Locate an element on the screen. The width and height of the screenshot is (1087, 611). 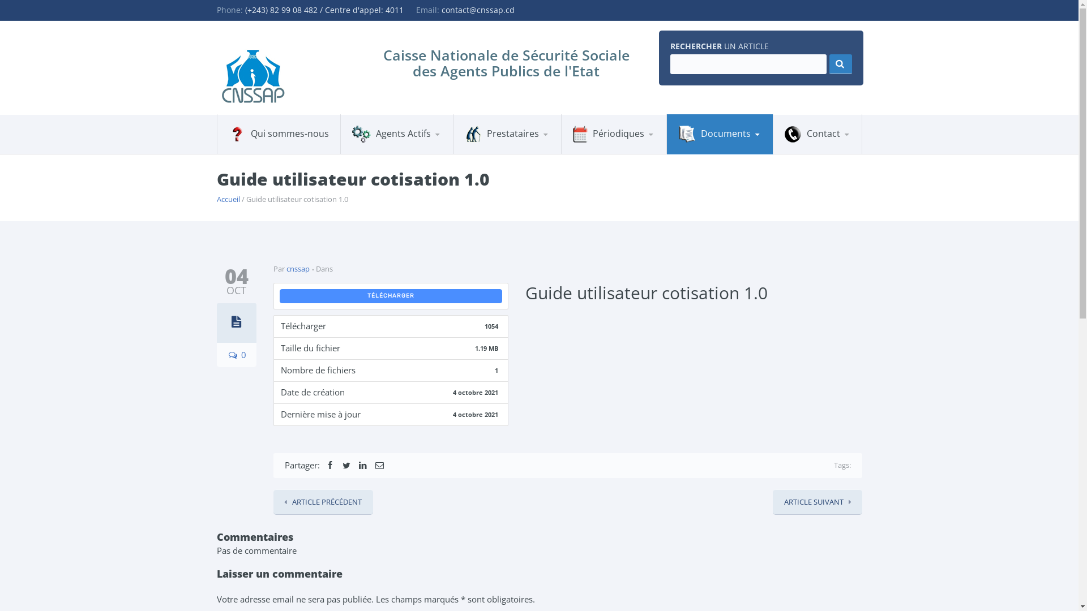
'contact@cnssap.cd' is located at coordinates (478, 10).